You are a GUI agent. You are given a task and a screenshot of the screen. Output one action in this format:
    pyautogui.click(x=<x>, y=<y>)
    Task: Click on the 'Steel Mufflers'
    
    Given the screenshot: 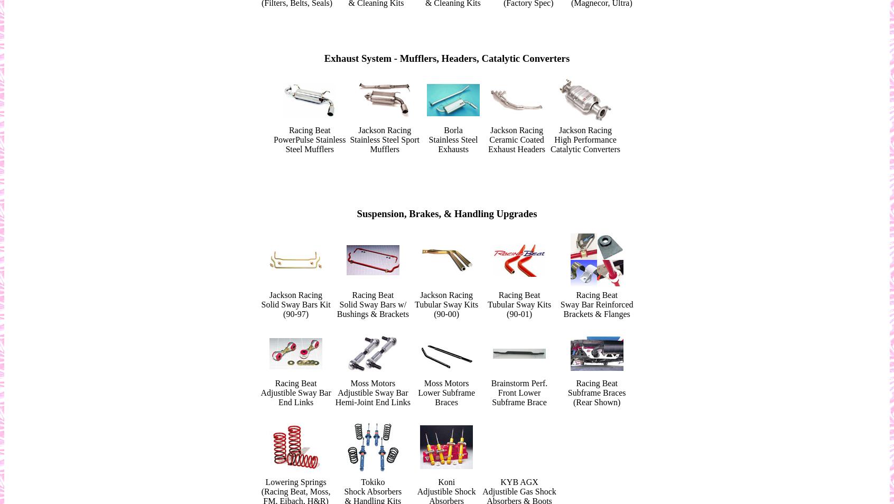 What is the action you would take?
    pyautogui.click(x=285, y=149)
    